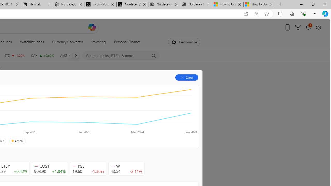 Image resolution: width=331 pixels, height=186 pixels. I want to click on 'Nordace (@NordaceOfficial) / X', so click(132, 4).